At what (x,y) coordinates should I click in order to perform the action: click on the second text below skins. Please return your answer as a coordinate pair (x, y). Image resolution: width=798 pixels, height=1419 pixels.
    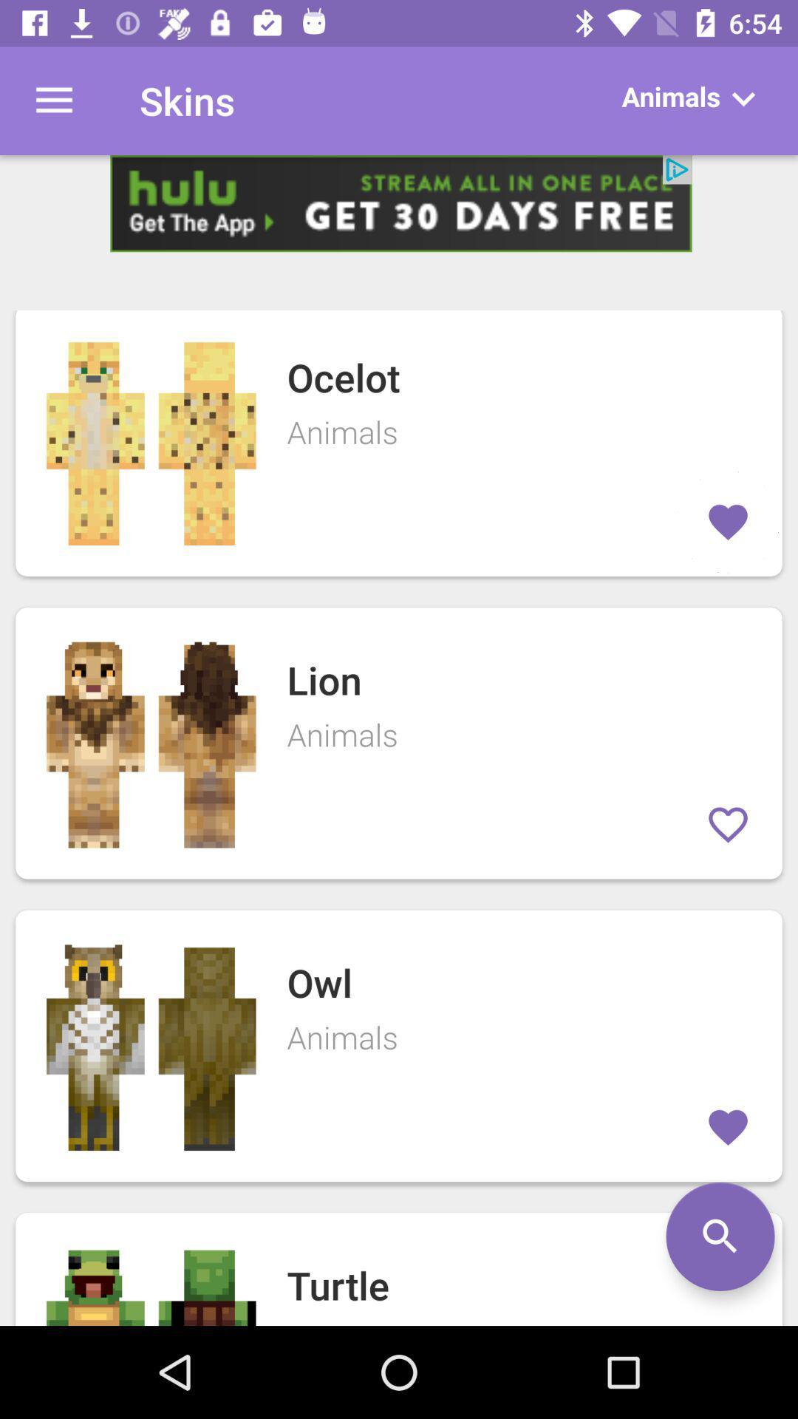
    Looking at the image, I should click on (399, 743).